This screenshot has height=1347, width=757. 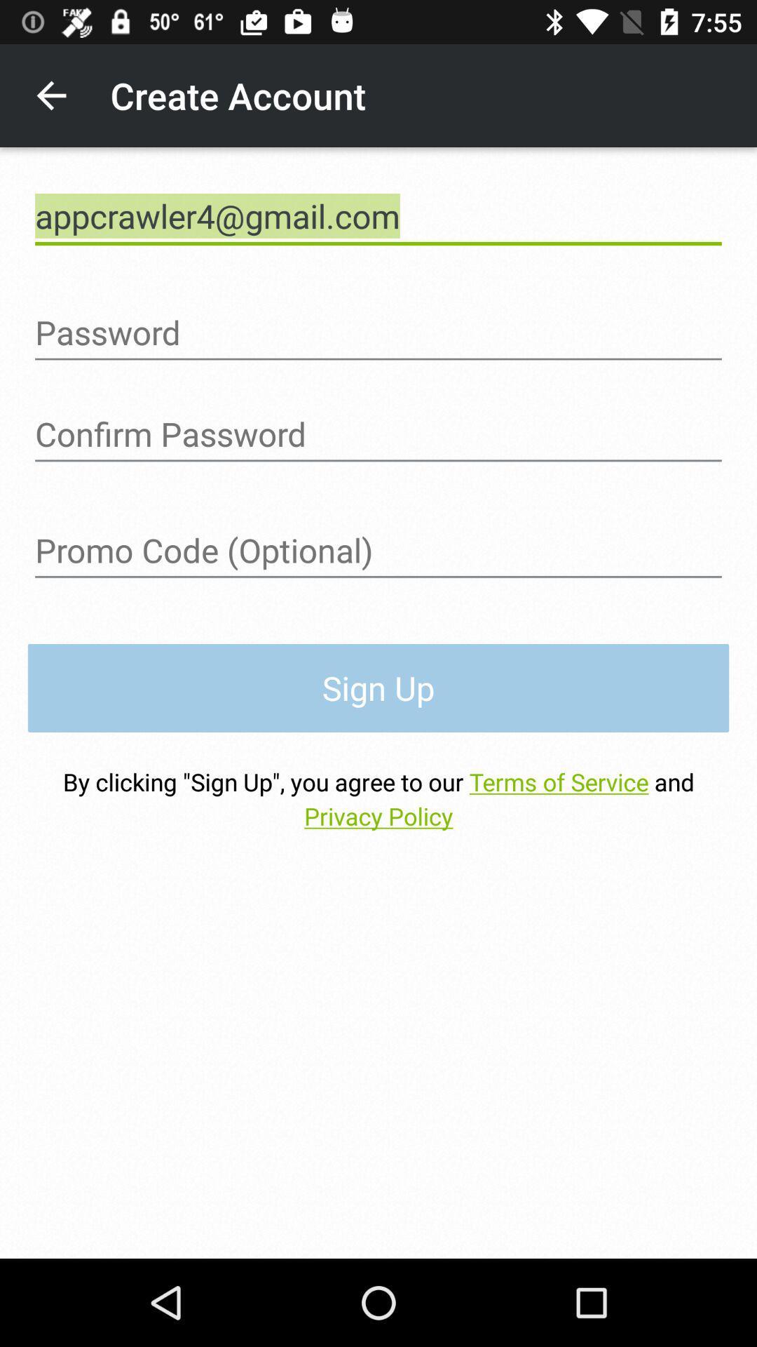 I want to click on password field, so click(x=378, y=434).